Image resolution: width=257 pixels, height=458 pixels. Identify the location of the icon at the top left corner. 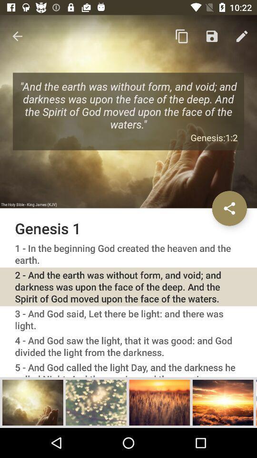
(17, 36).